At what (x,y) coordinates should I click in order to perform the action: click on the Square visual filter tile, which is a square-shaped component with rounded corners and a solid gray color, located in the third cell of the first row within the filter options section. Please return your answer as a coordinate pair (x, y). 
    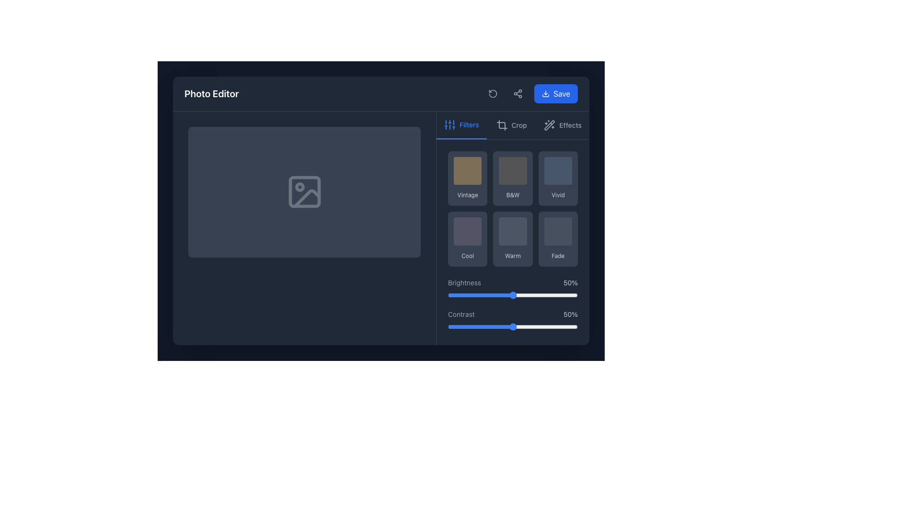
    Looking at the image, I should click on (558, 170).